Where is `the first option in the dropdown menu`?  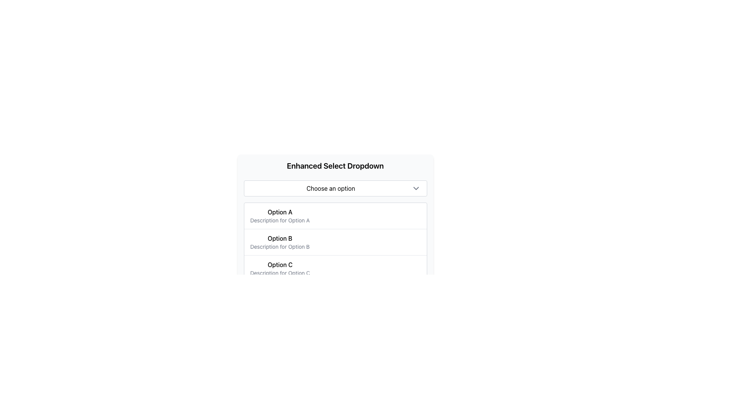
the first option in the dropdown menu is located at coordinates (283, 216).